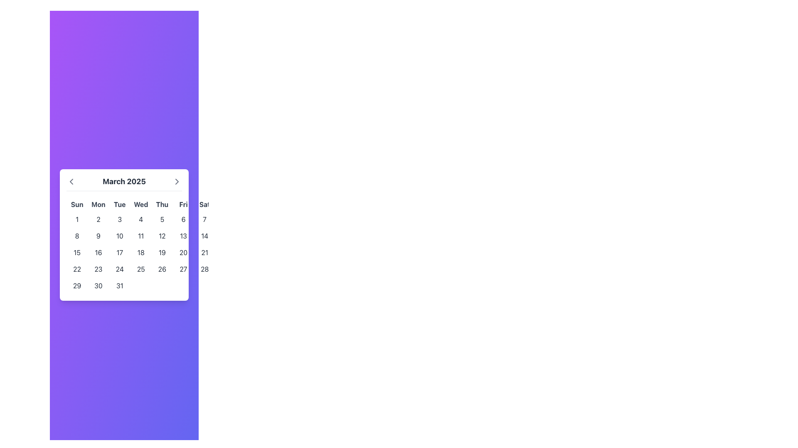 The width and height of the screenshot is (798, 448). I want to click on the left-pointing chevron icon in the calendar header to change its color from gray to black, so click(71, 181).